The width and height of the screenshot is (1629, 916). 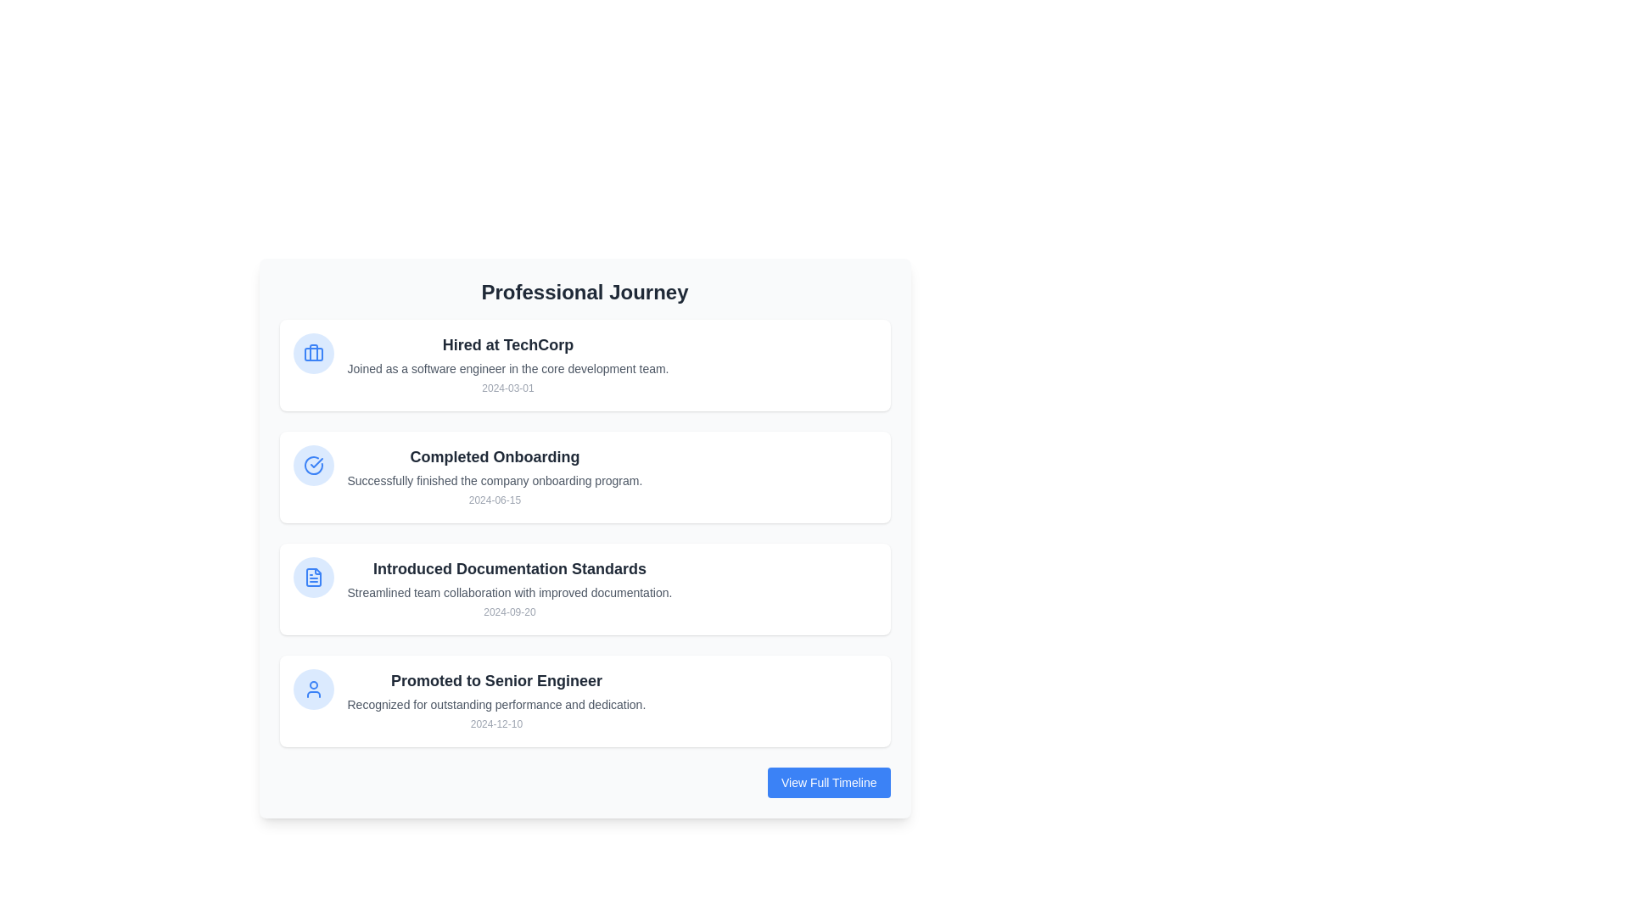 I want to click on the icon representing tasks related to documentation, which is the third icon in a sequence on the left side of the timeline entry titled 'Introduced Documentation Standards.', so click(x=313, y=577).